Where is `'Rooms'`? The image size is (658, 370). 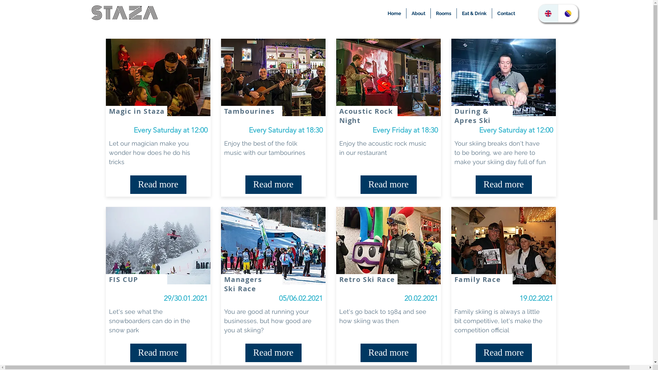
'Rooms' is located at coordinates (430, 13).